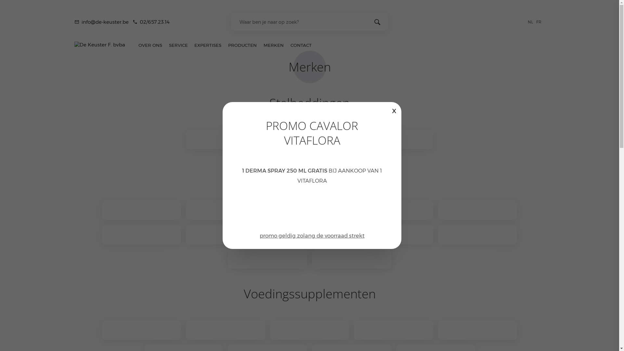 This screenshot has height=351, width=624. Describe the element at coordinates (532, 21) in the screenshot. I see `'NL'` at that location.